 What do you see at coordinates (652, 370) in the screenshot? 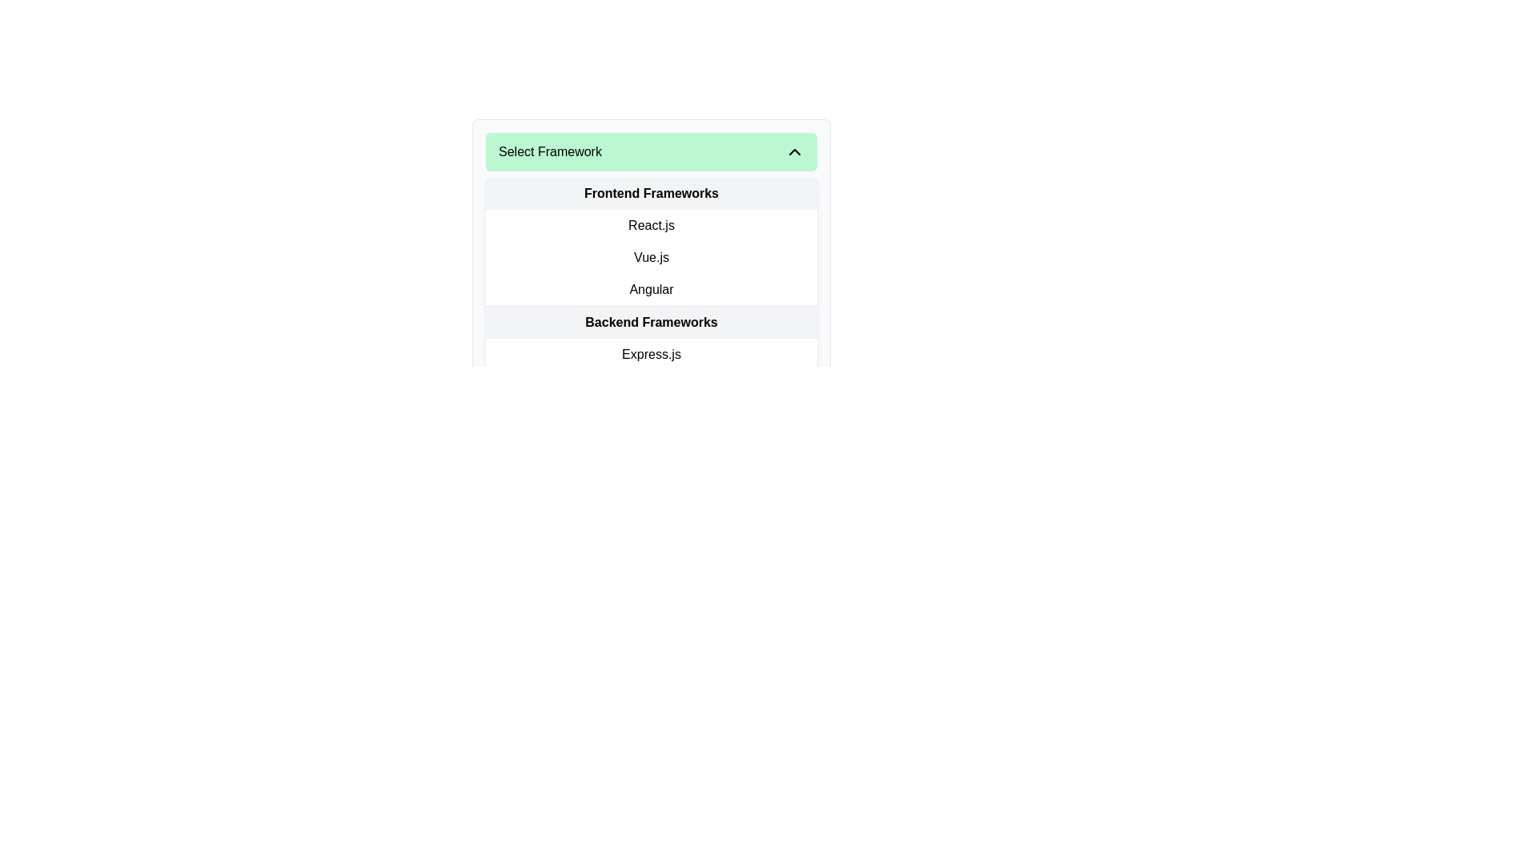
I see `the 'Backend Frameworks' dropdown entry located under the 'Frontend Frameworks' section` at bounding box center [652, 370].